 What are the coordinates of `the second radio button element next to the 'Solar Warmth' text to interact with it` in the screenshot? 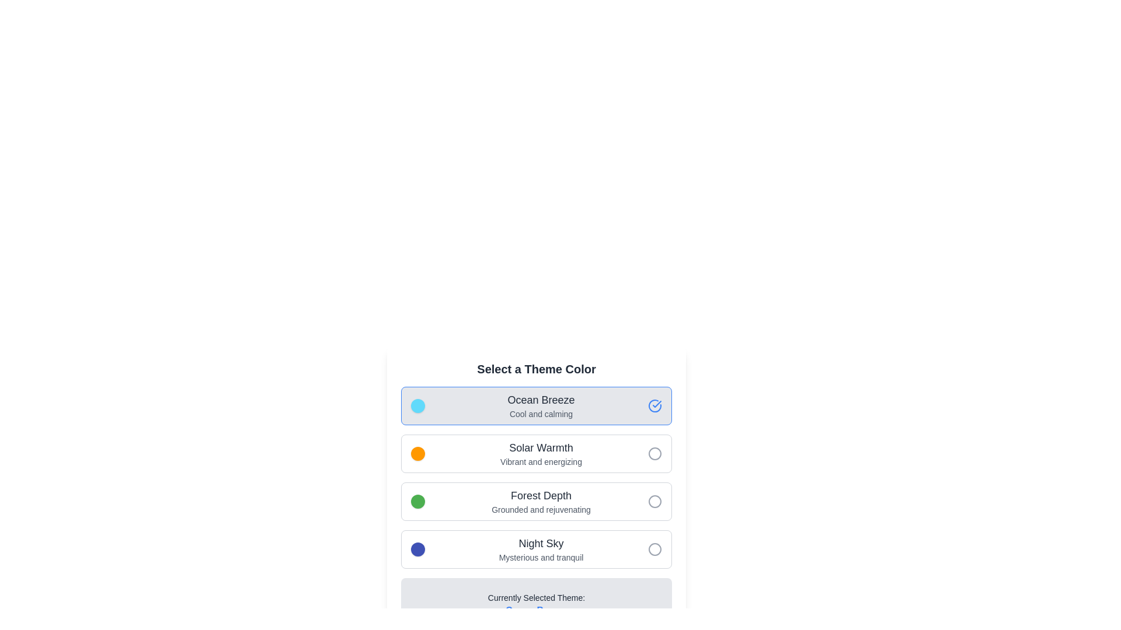 It's located at (655, 453).